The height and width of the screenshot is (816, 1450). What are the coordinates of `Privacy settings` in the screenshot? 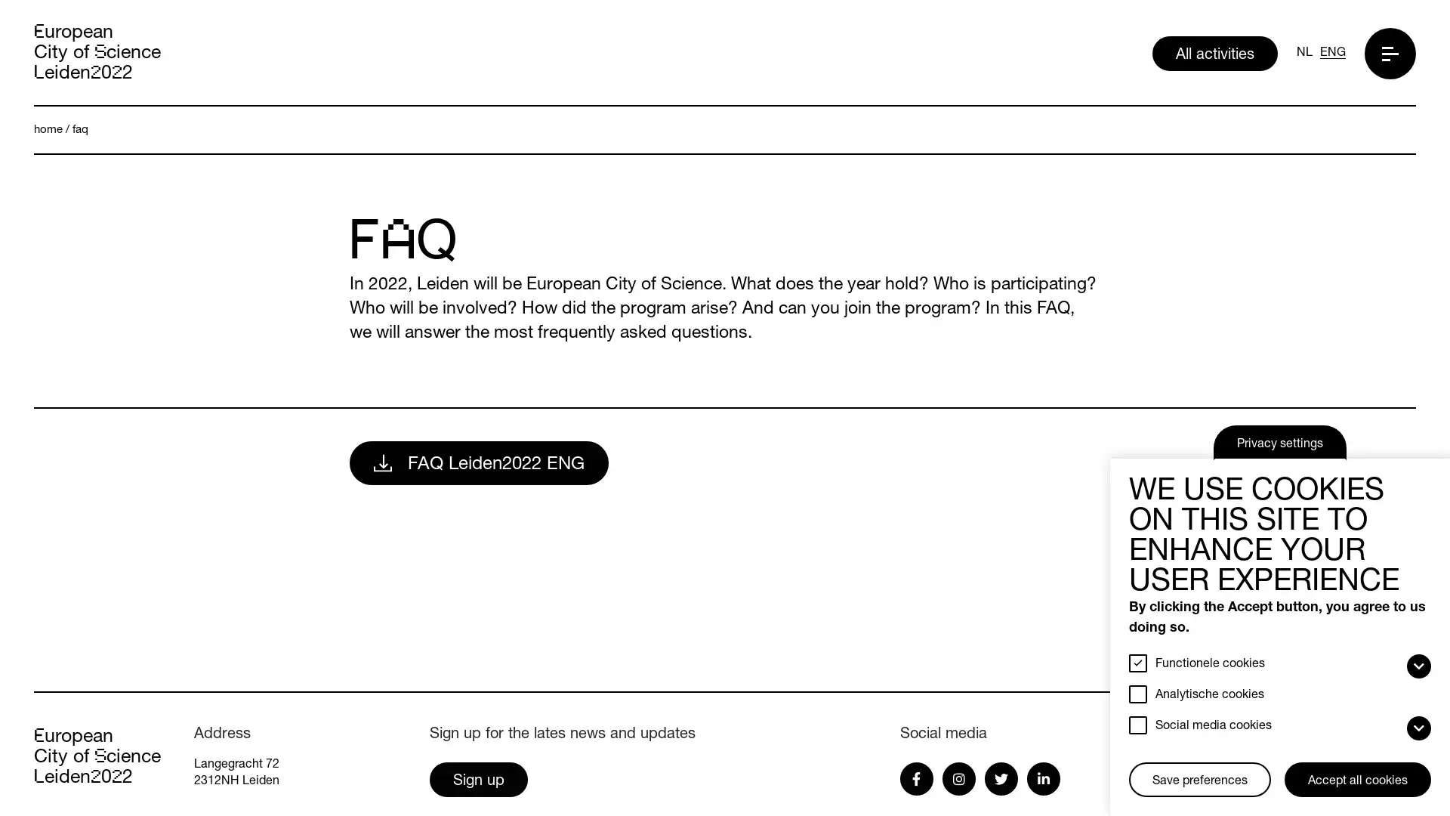 It's located at (1279, 442).